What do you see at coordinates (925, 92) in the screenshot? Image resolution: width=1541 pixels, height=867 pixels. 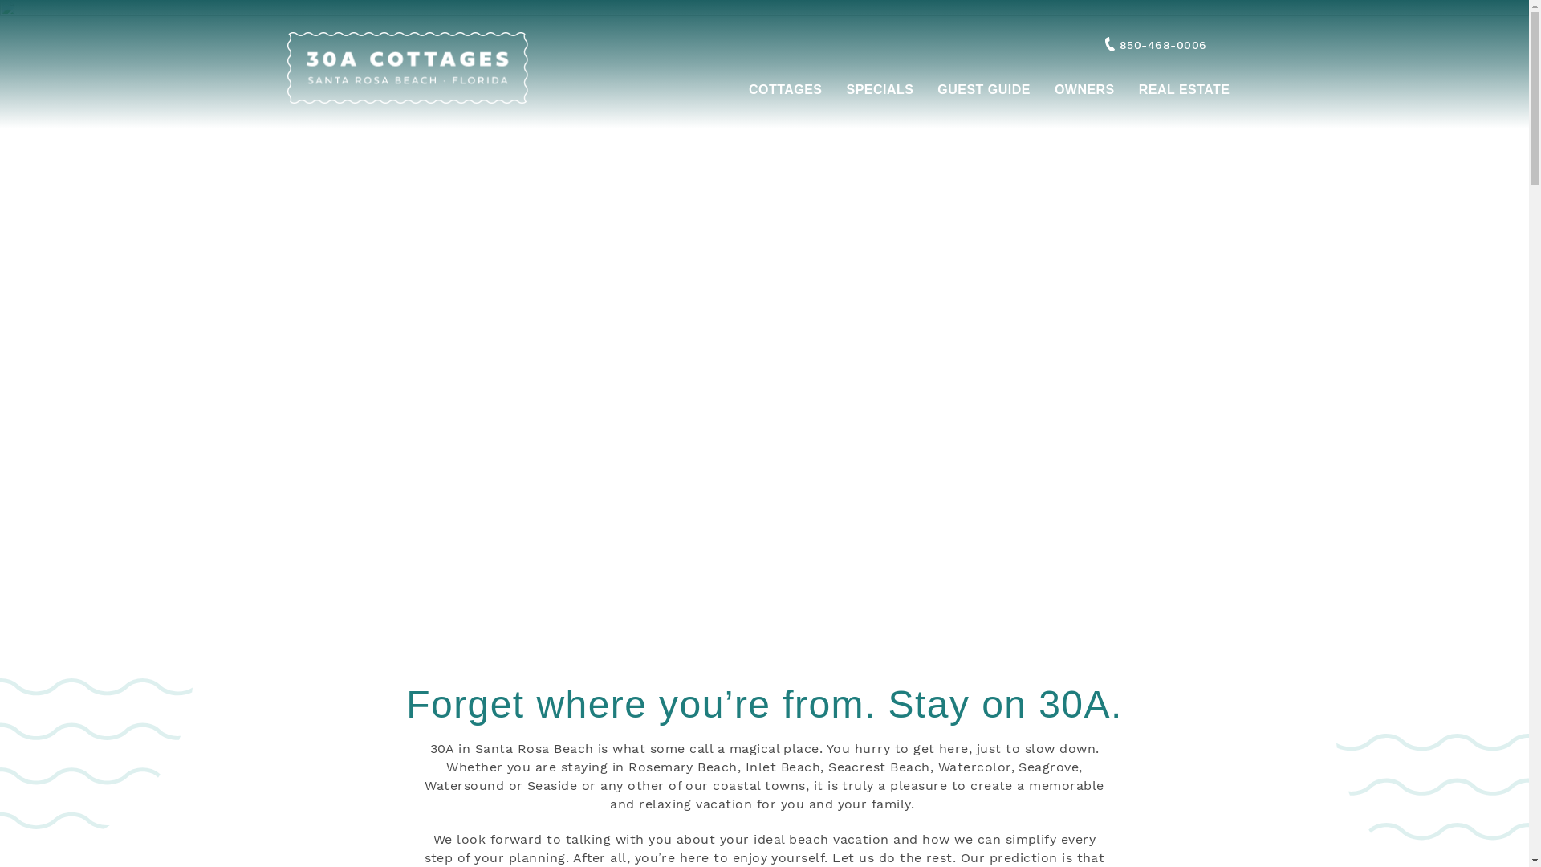 I see `'GUEST GUIDE'` at bounding box center [925, 92].